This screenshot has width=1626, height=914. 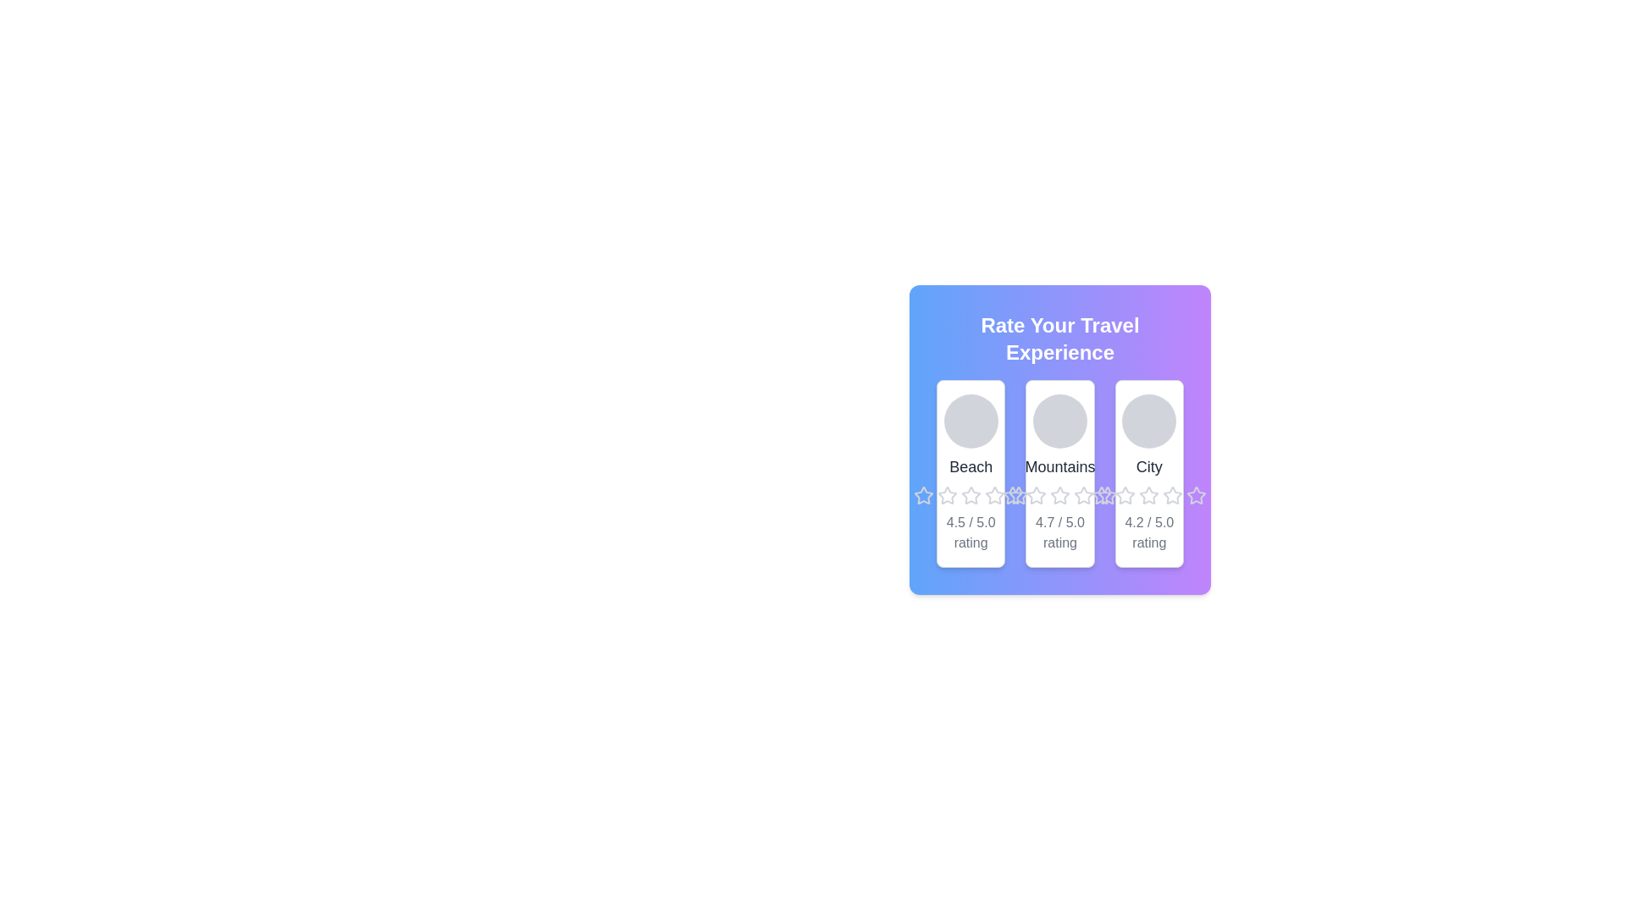 What do you see at coordinates (971, 495) in the screenshot?
I see `the third star in the Rating Star element to rate it, which is located on the 'Beach' card beneath the title and above the rating text '4.5 / 5.0 rating'` at bounding box center [971, 495].